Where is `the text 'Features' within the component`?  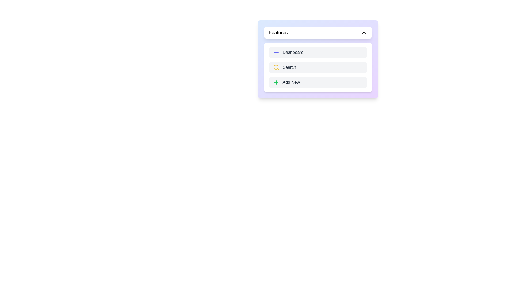 the text 'Features' within the component is located at coordinates (318, 33).